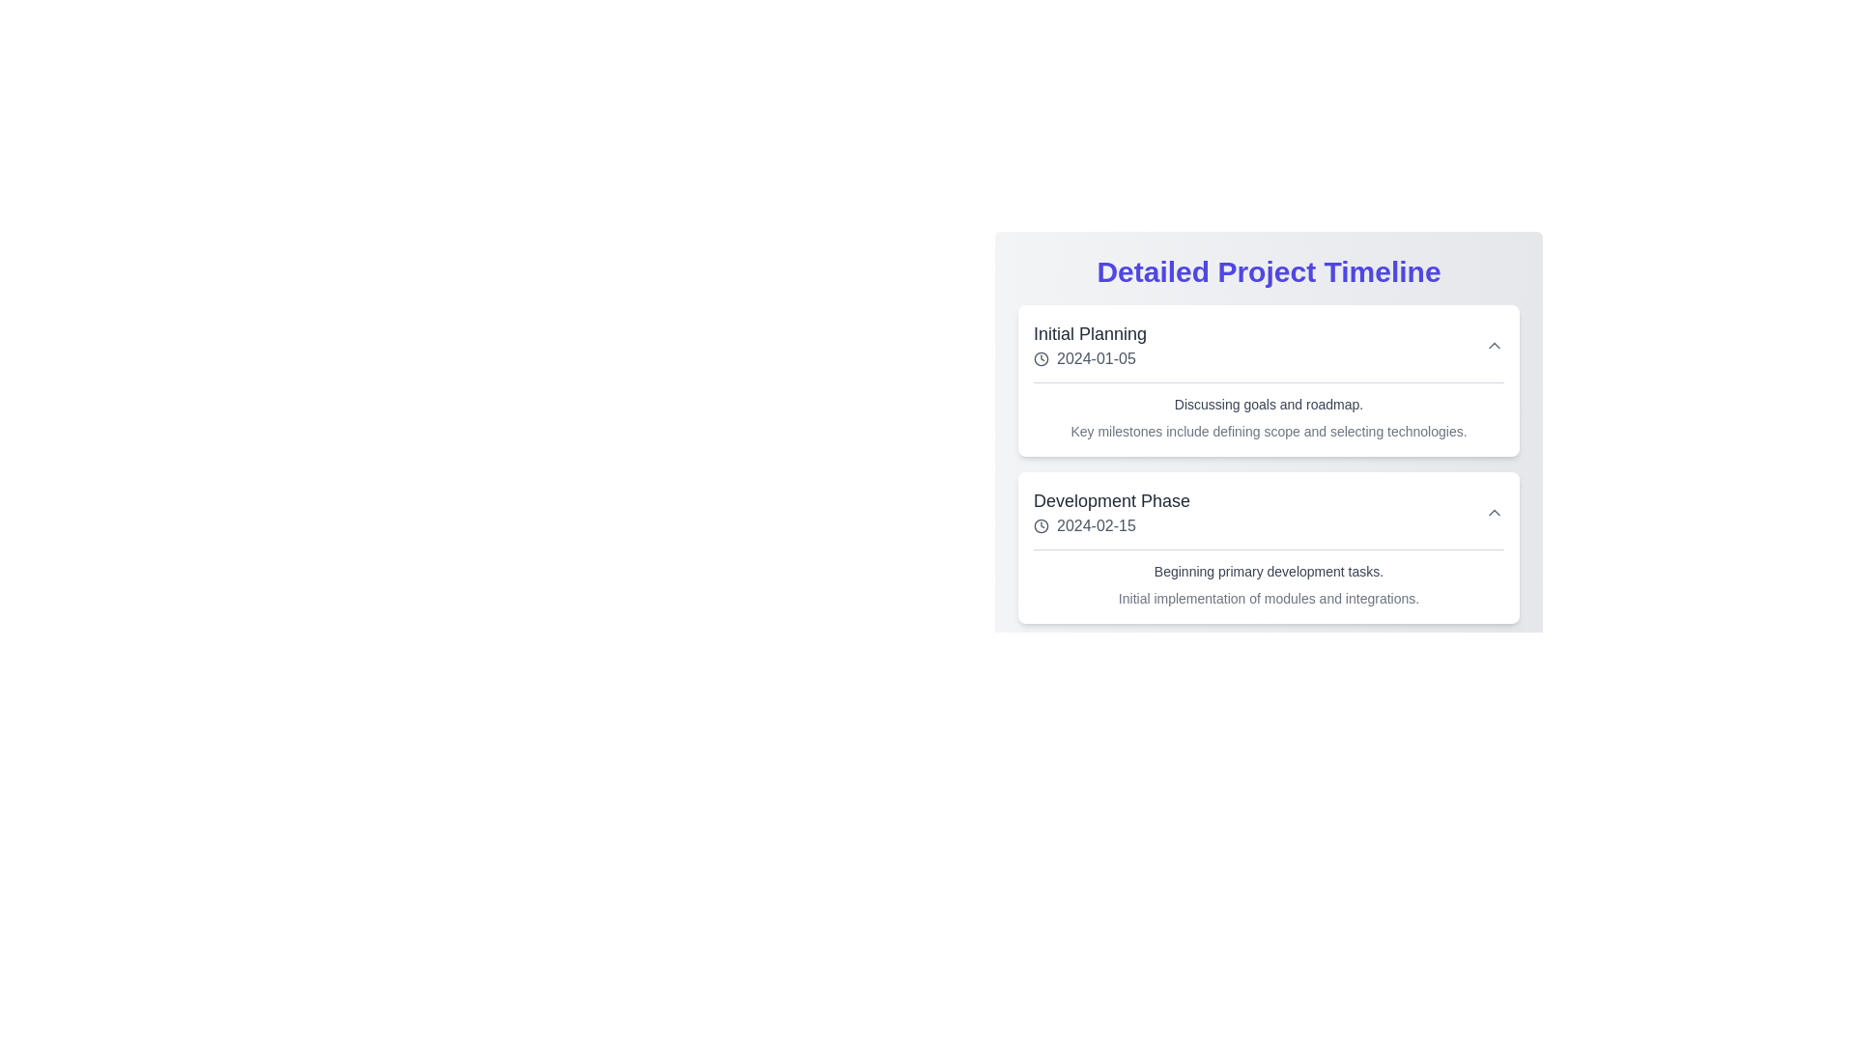 The width and height of the screenshot is (1855, 1043). Describe the element at coordinates (1269, 404) in the screenshot. I see `the text label containing the phrase 'Discussing goals and roadmap.' which is styled with a small font size, light weight, and gray color, located in the 'Initial Planning' section` at that location.